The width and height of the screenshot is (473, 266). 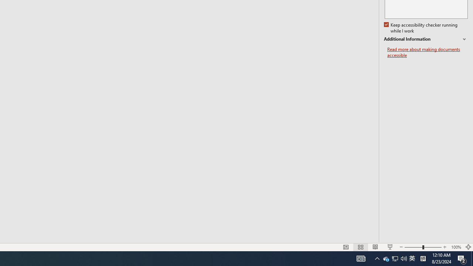 What do you see at coordinates (426, 39) in the screenshot?
I see `'Additional Information'` at bounding box center [426, 39].